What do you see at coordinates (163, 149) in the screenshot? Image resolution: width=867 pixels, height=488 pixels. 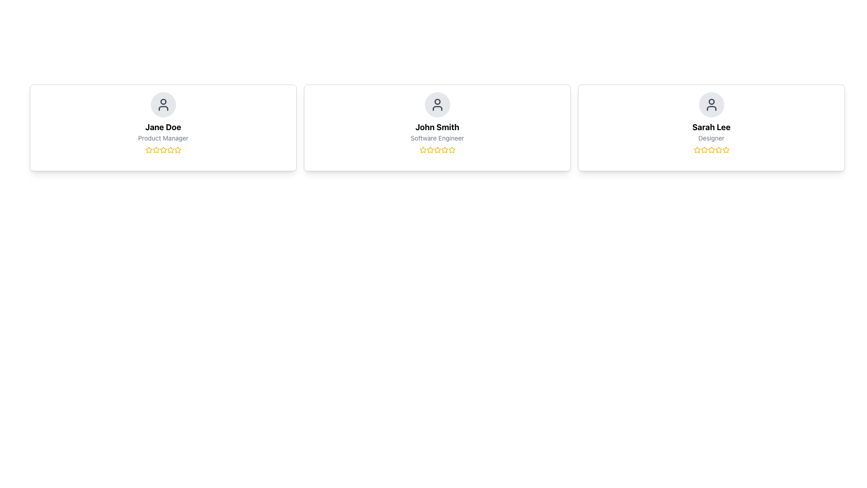 I see `the second star icon in the rating system, which is filled with yellow color` at bounding box center [163, 149].